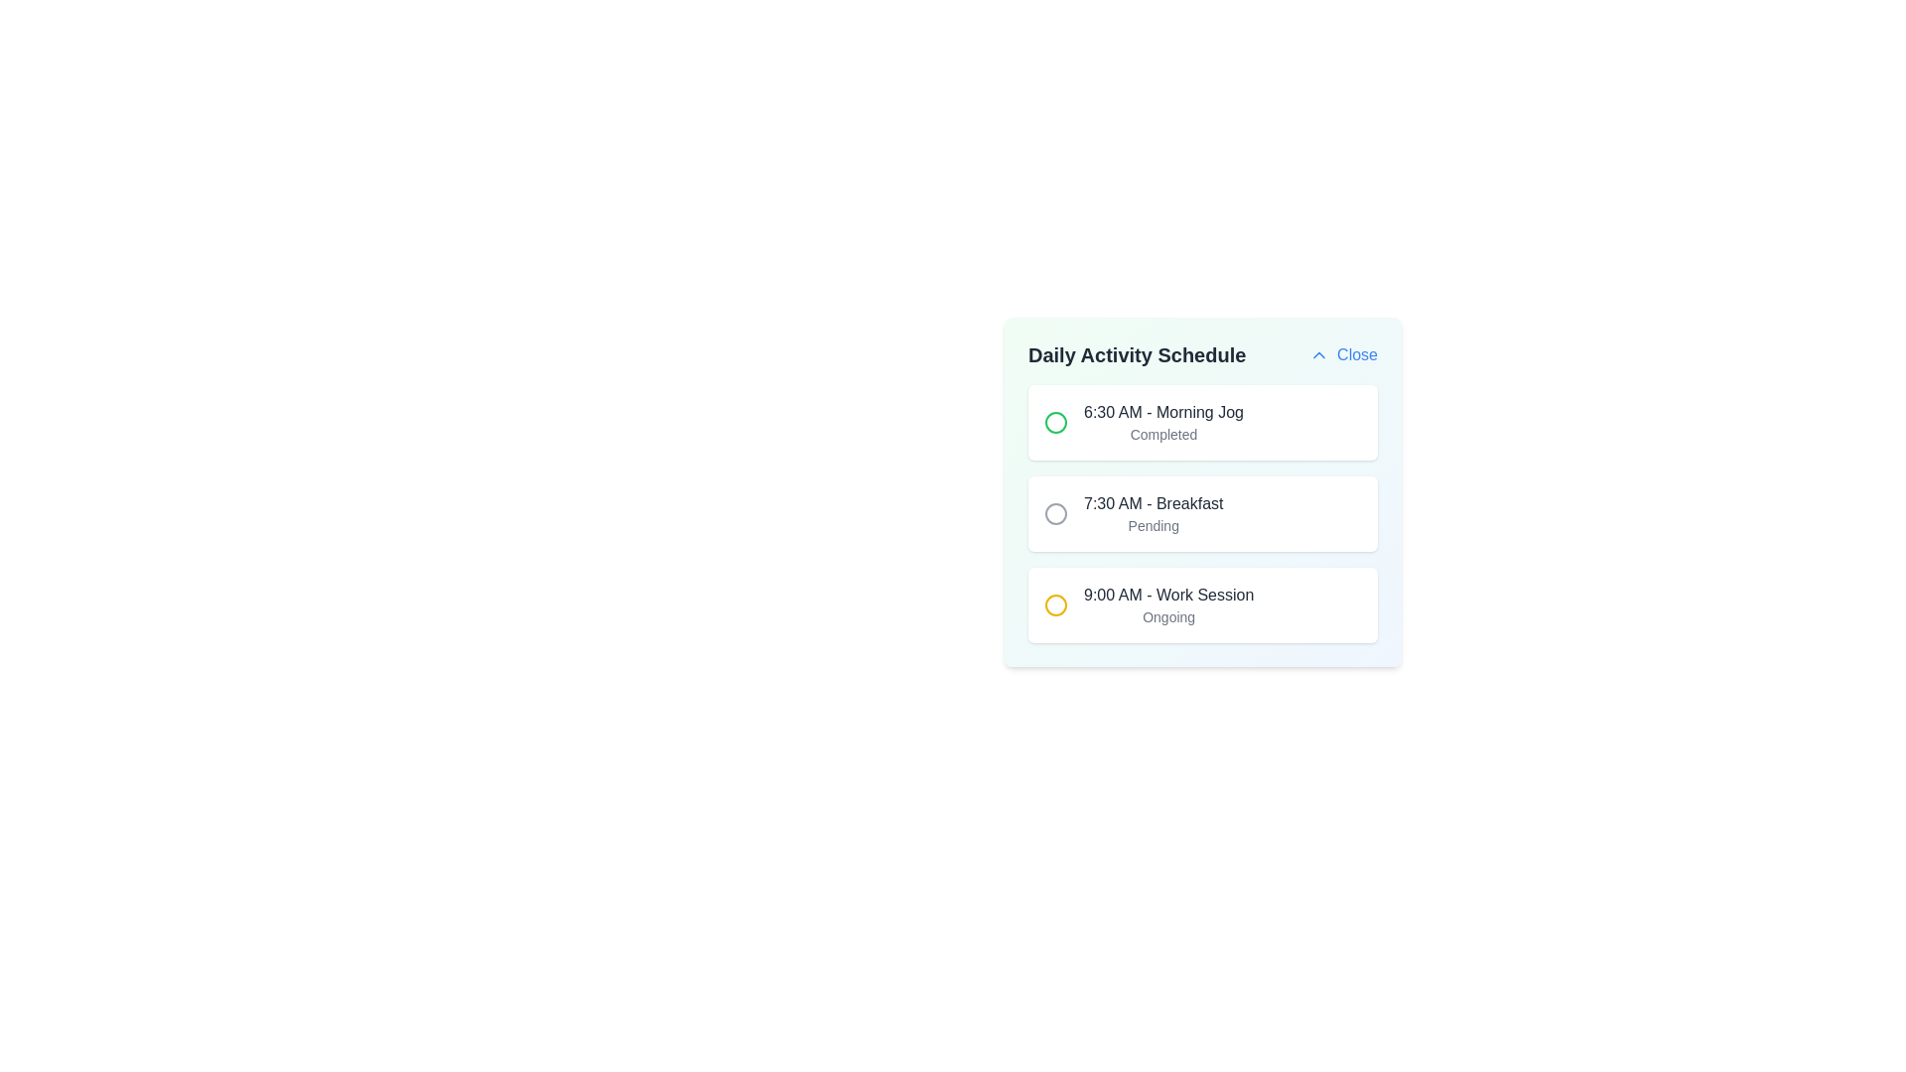 This screenshot has width=1906, height=1072. Describe the element at coordinates (1168, 603) in the screenshot. I see `text from the Information Label displaying '9:00 AM - Work Session' in bold dark gray and 'Ongoing' in smaller lighter gray font, which is the third item in the Daily Activity Schedule` at that location.